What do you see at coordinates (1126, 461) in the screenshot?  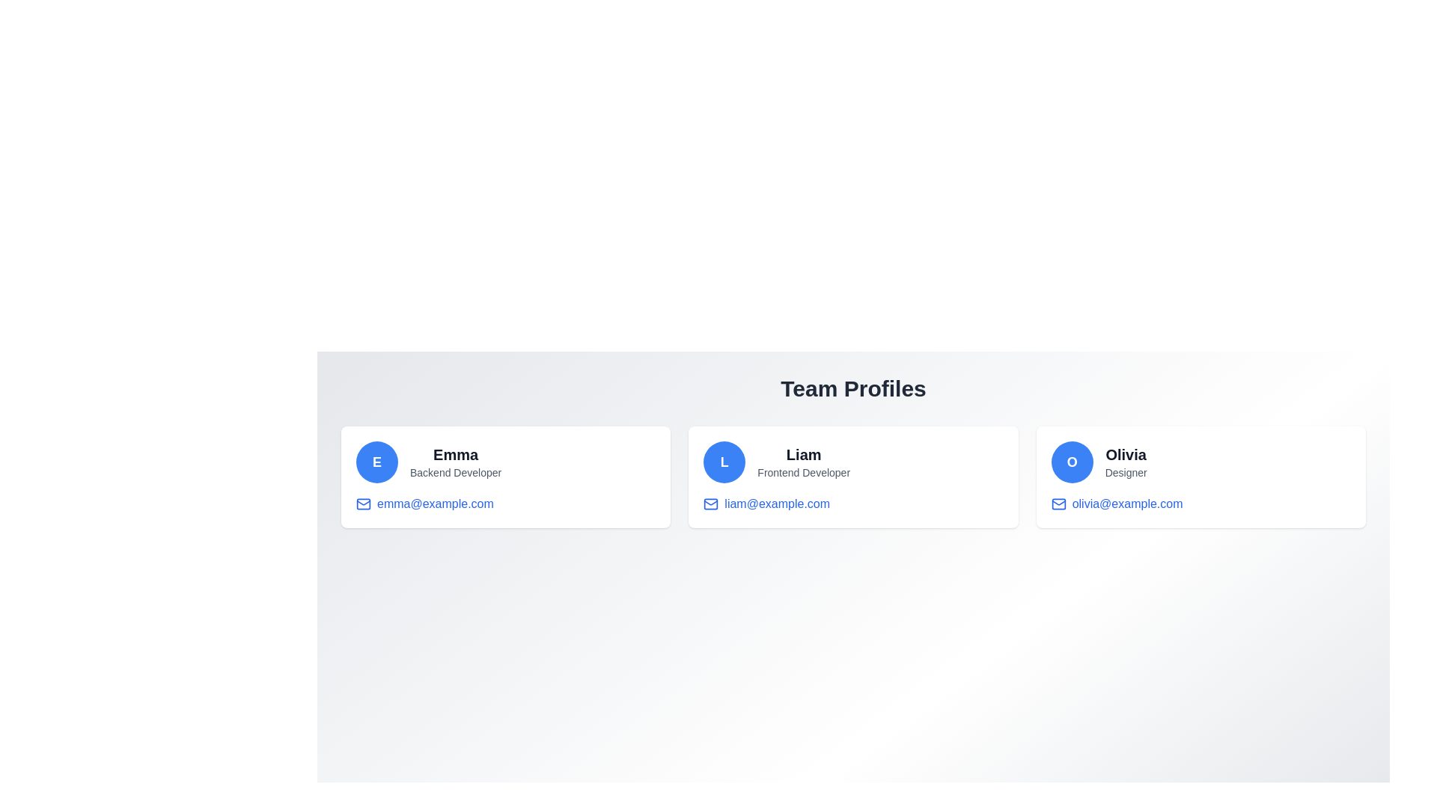 I see `the text block that displays the name and title of a team member, located in the rightmost card above the email address link` at bounding box center [1126, 461].